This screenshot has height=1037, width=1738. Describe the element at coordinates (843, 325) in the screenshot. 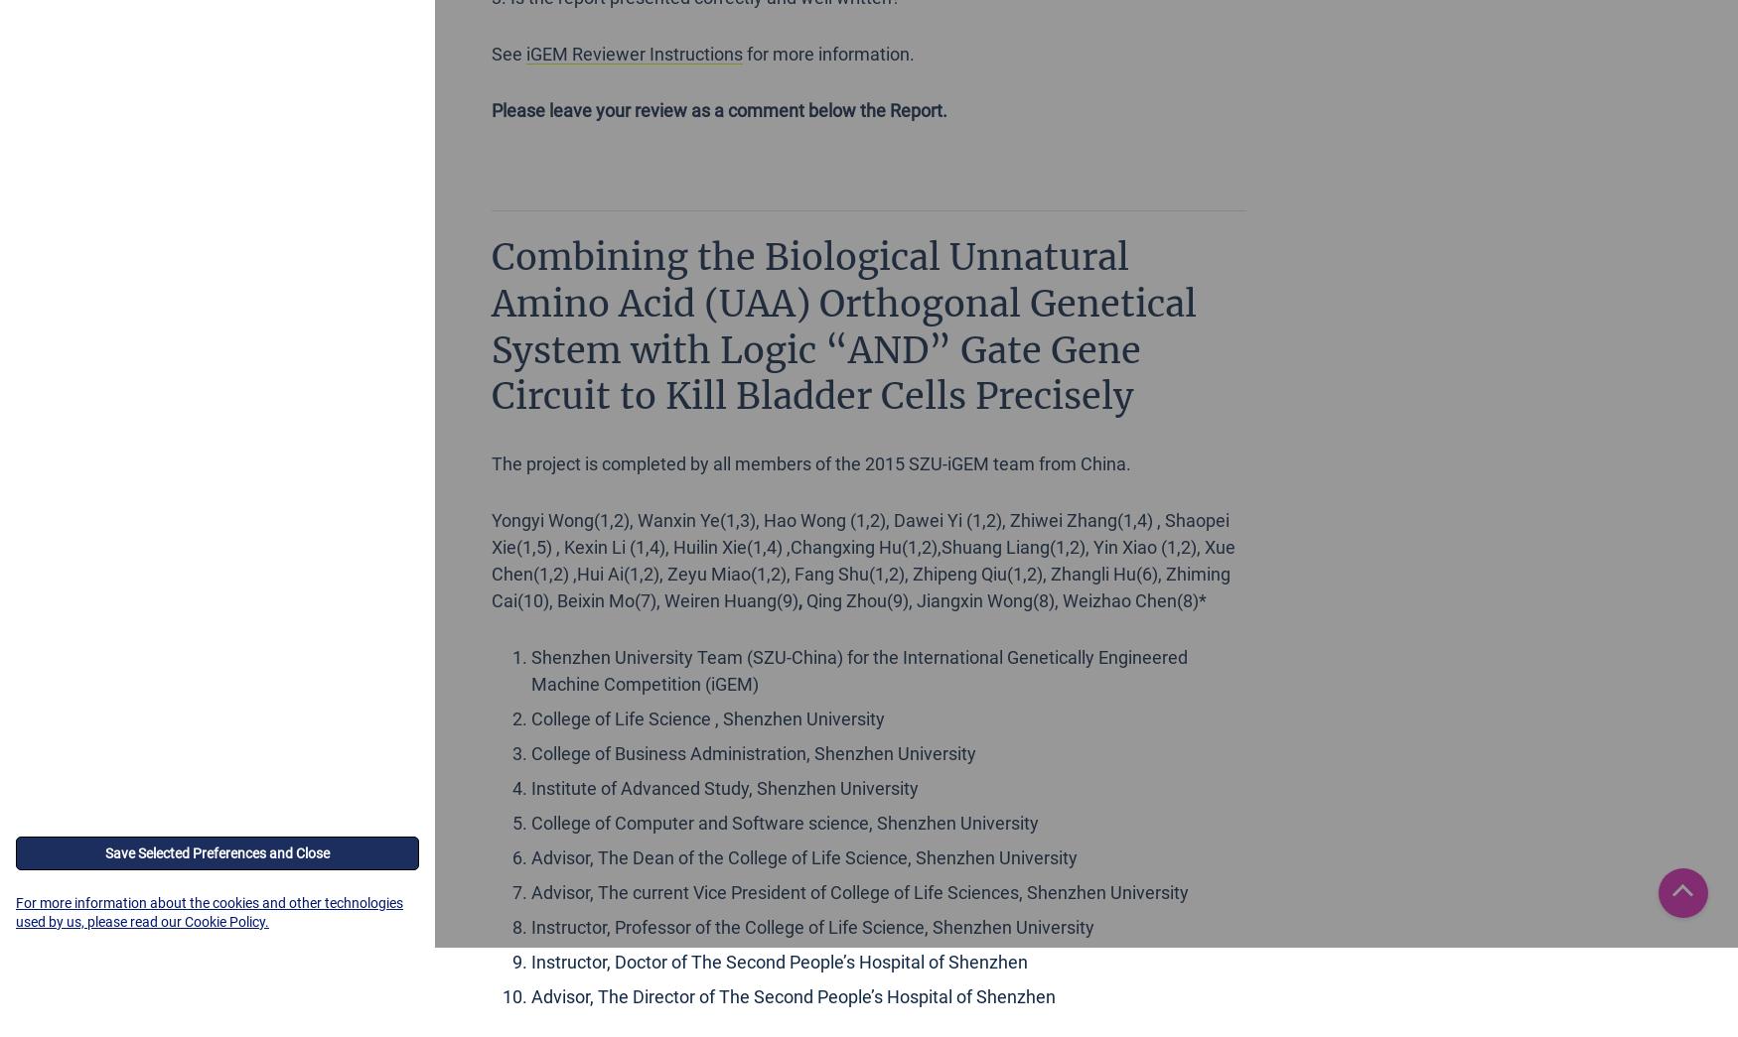

I see `'Combining the Biological Unnatural Amino Acid (UAA) Orthogonal Genetical System with Logic “AND” Gate Gene Circuit to Kill Bladder Cells Precisely'` at that location.